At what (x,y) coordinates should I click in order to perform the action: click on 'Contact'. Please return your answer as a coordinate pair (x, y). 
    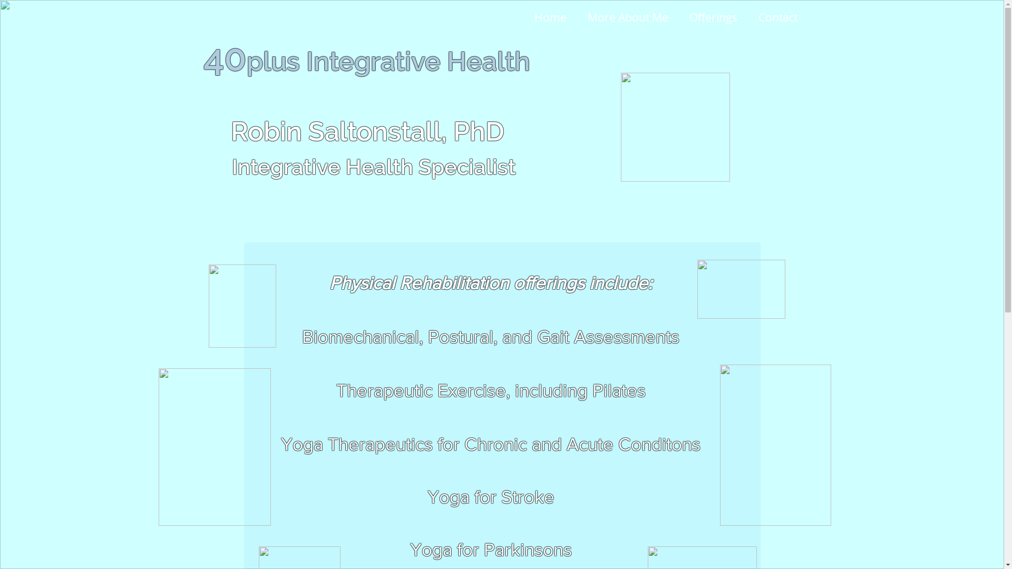
    Looking at the image, I should click on (777, 17).